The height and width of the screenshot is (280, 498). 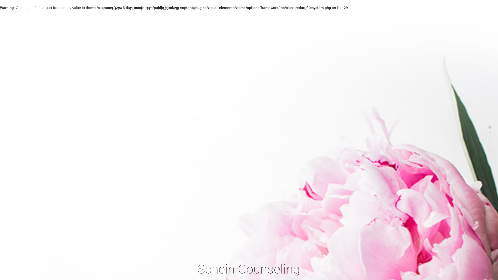 I want to click on 'MARTHA SCHEIN - LCS25697', so click(x=144, y=9).